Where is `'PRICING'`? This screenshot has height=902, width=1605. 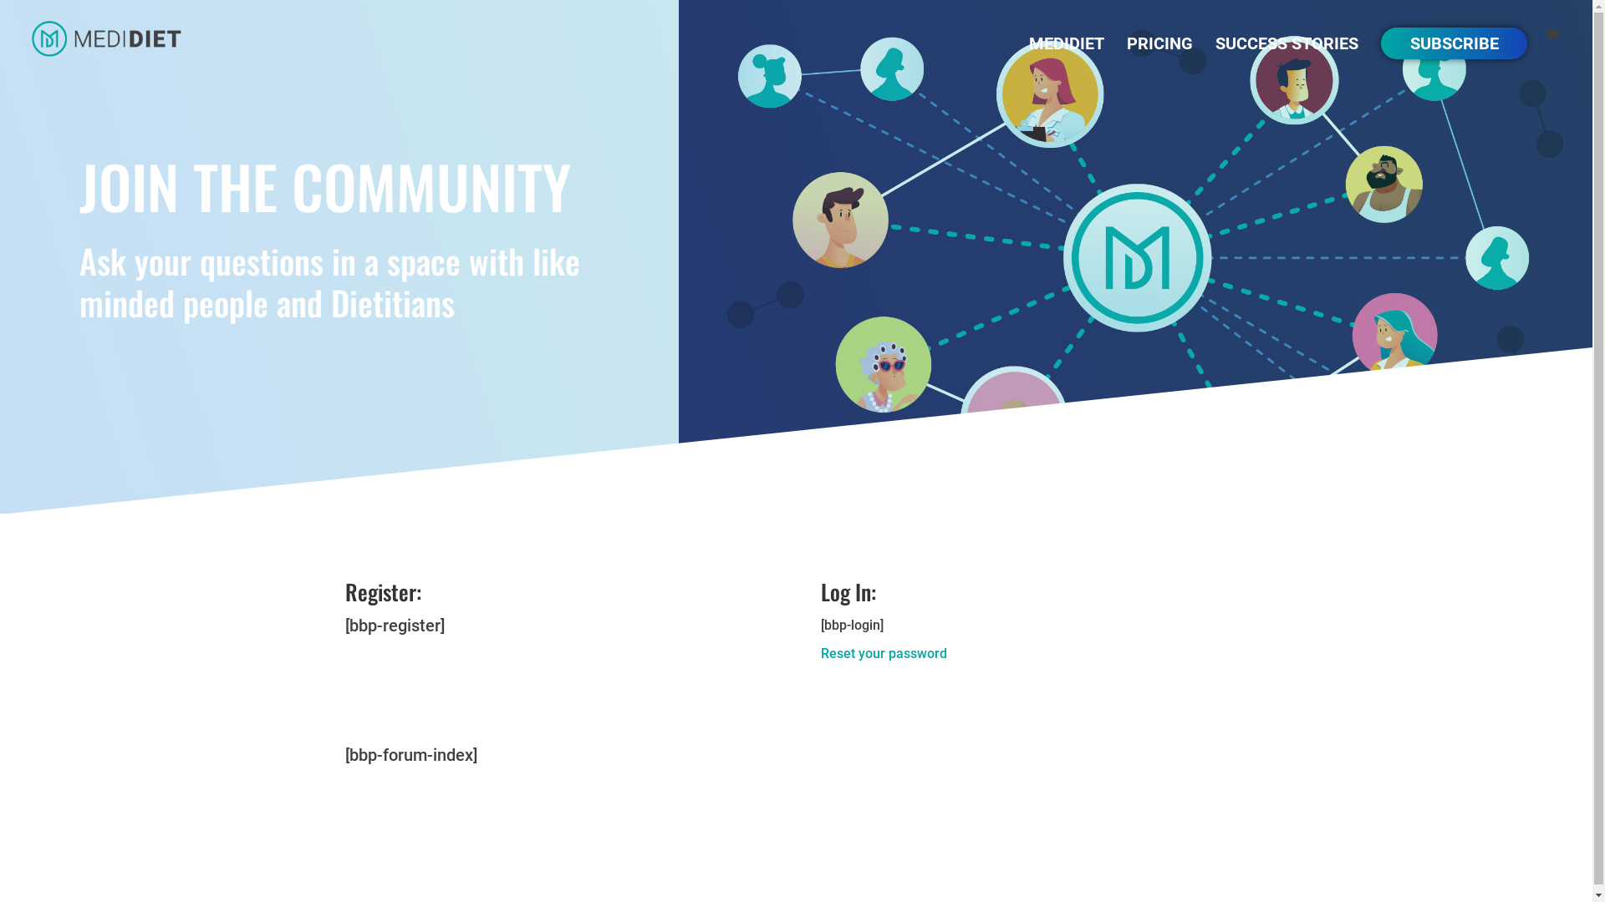
'PRICING' is located at coordinates (1159, 56).